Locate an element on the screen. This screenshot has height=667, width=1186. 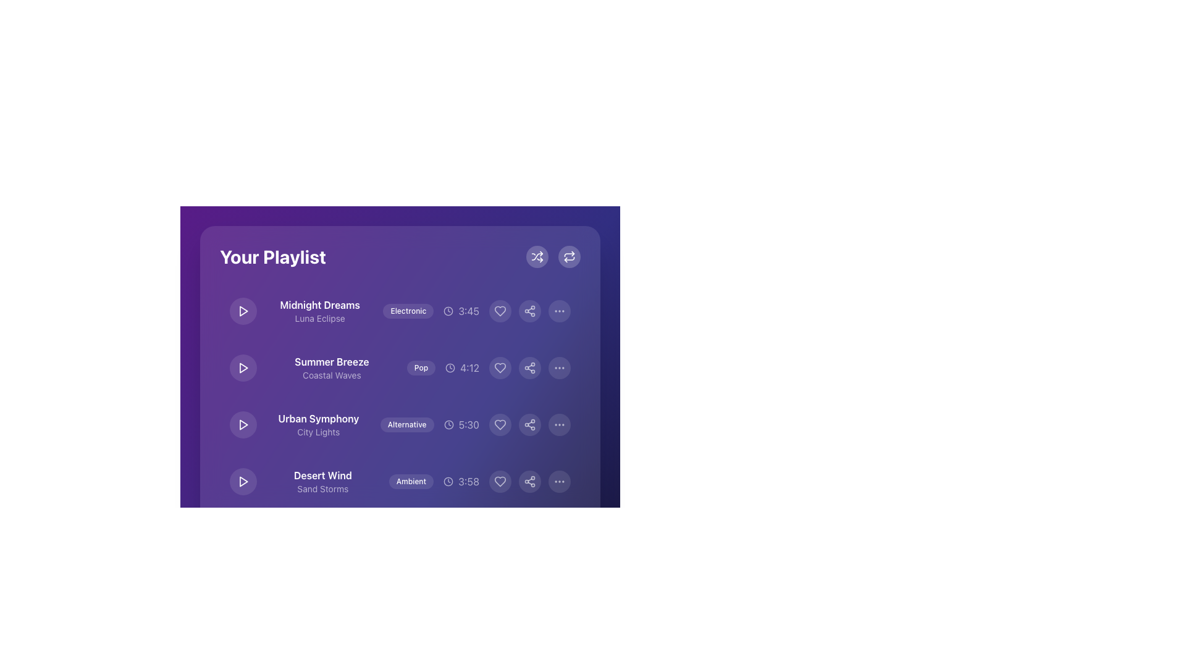
the heart-shaped icon representing a favorite or like function in the 'Urban Symphony' playlist row is located at coordinates (500, 424).